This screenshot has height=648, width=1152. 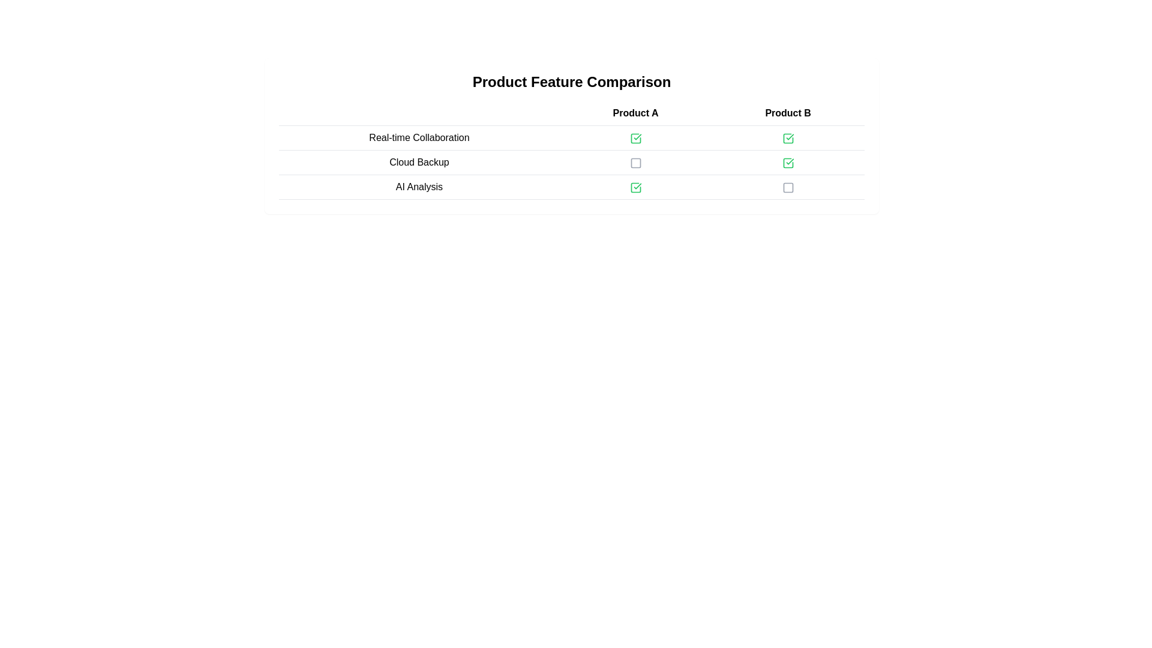 What do you see at coordinates (788, 162) in the screenshot?
I see `the read-only indicator that visually indicates the availability of the 'Cloud Backup' feature for 'Product B' in the comparison table` at bounding box center [788, 162].